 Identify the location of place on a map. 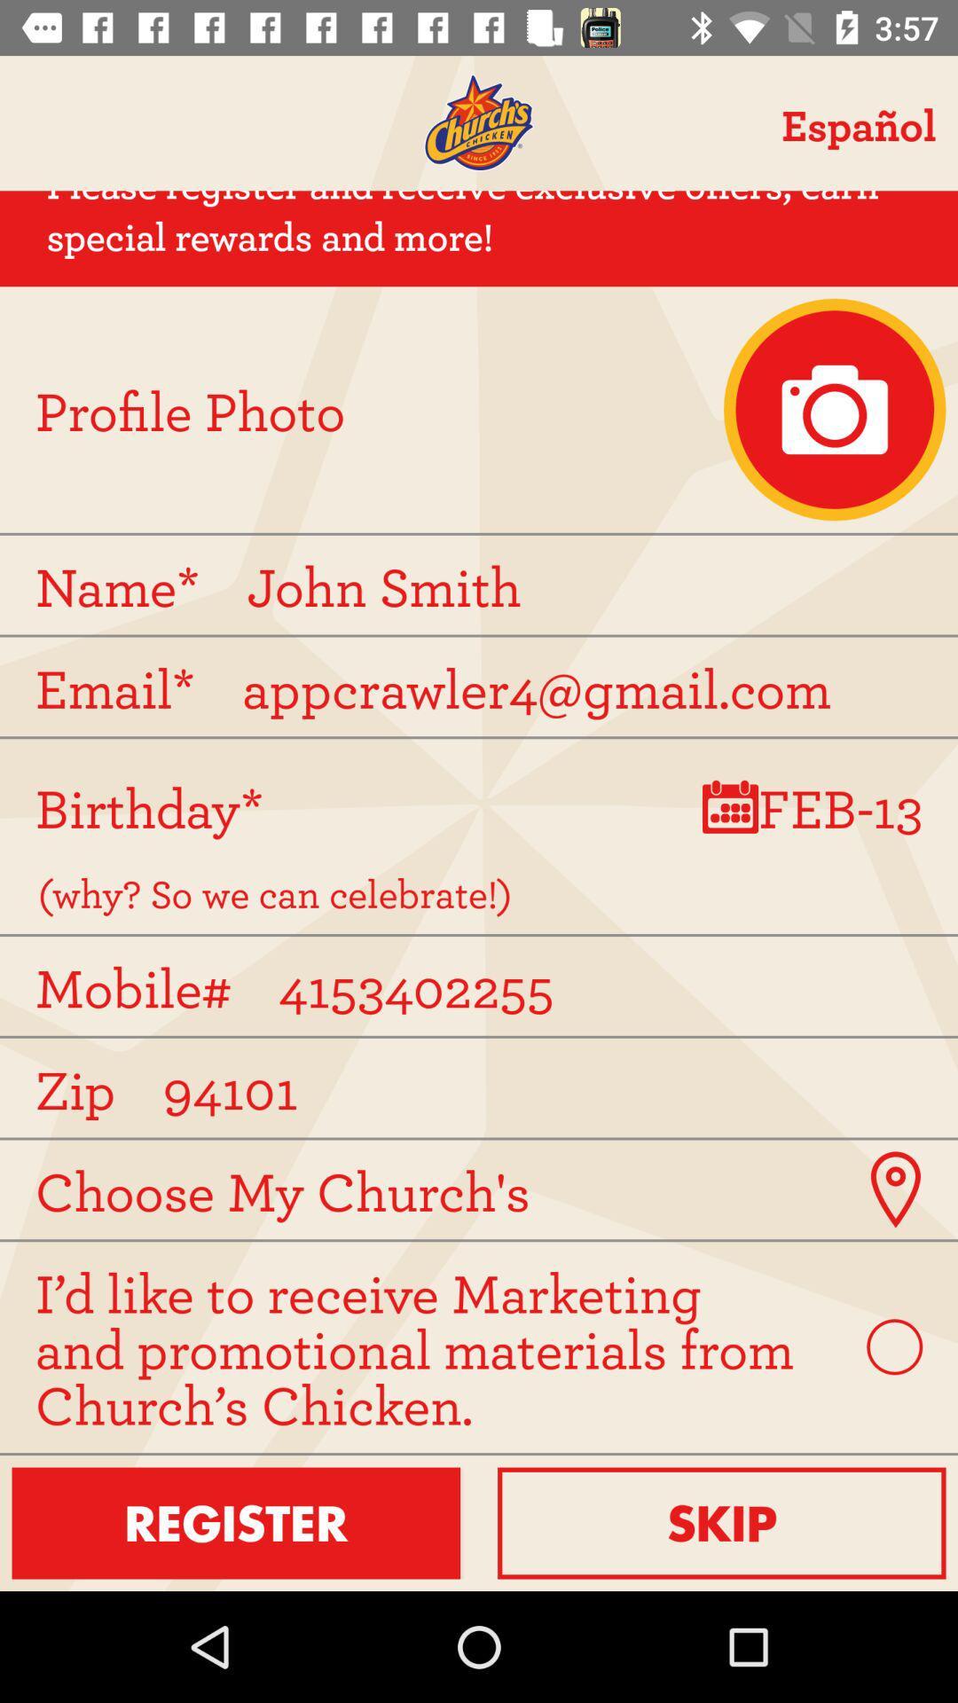
(895, 1189).